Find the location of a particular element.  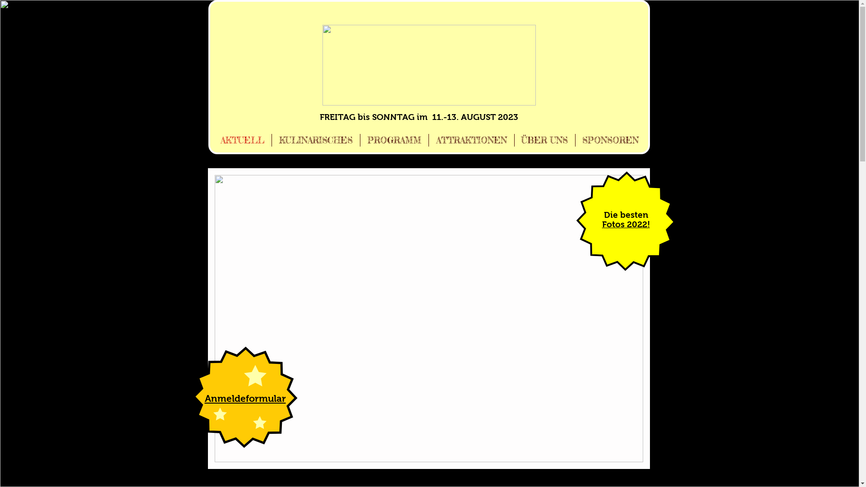

'Anmeldeformular' is located at coordinates (245, 398).